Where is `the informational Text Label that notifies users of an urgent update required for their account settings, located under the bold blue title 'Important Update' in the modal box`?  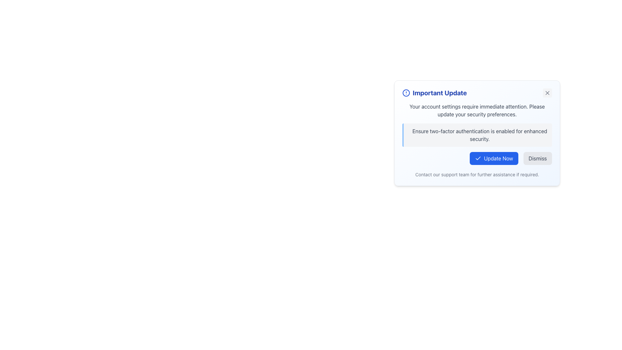
the informational Text Label that notifies users of an urgent update required for their account settings, located under the bold blue title 'Important Update' in the modal box is located at coordinates (477, 110).